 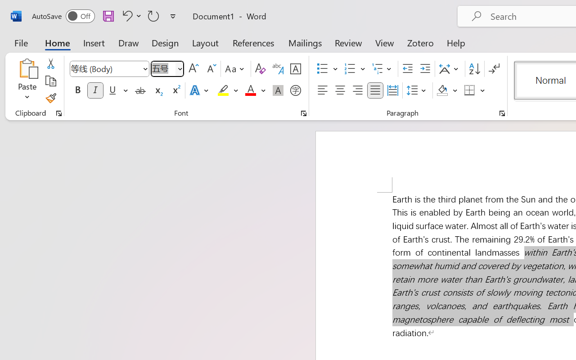 I want to click on 'Decrease Indent', so click(x=407, y=69).